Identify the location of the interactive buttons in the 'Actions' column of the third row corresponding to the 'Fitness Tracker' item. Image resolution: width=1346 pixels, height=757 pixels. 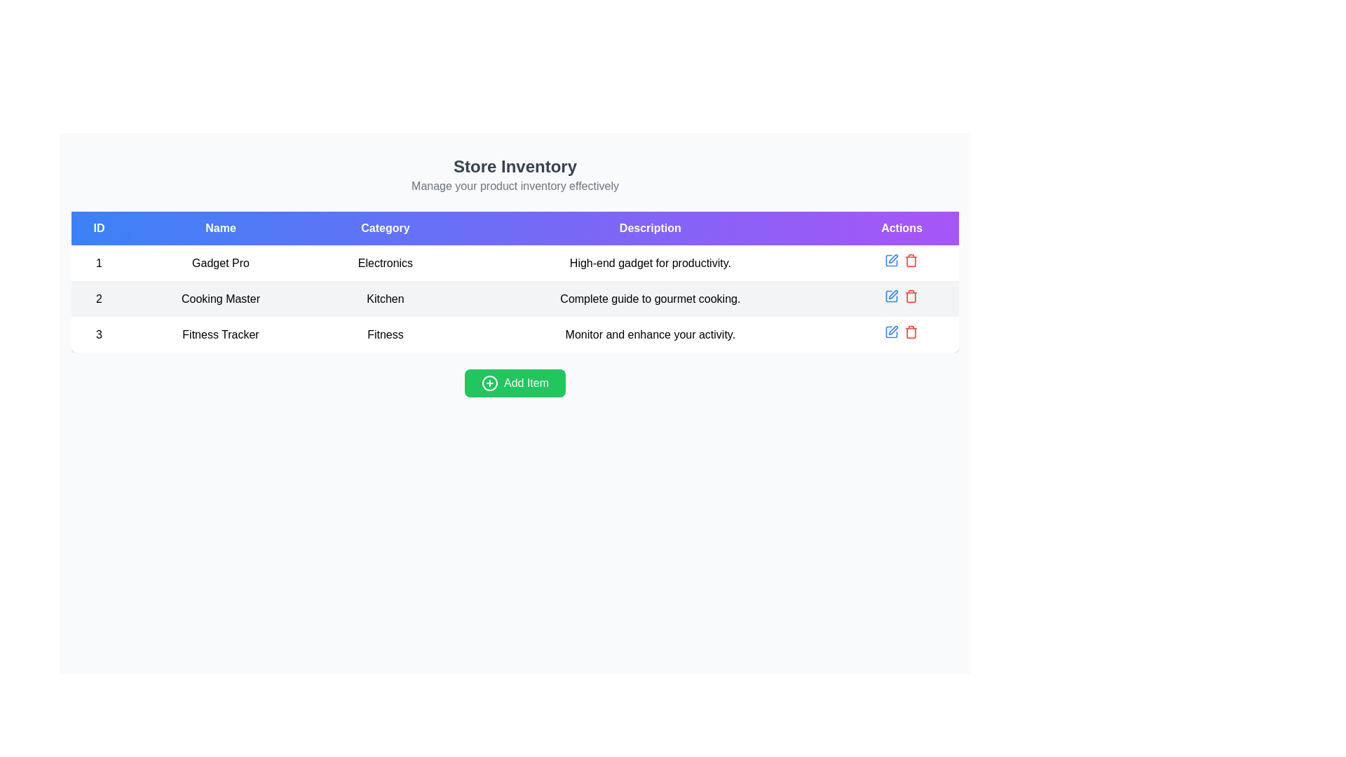
(902, 334).